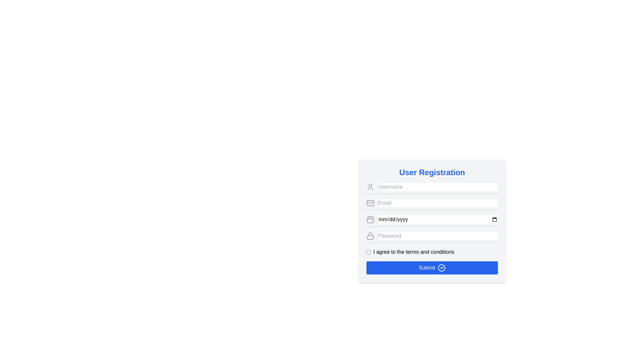 The height and width of the screenshot is (355, 631). I want to click on the confirmation checkbox for terms and conditions, so click(432, 252).